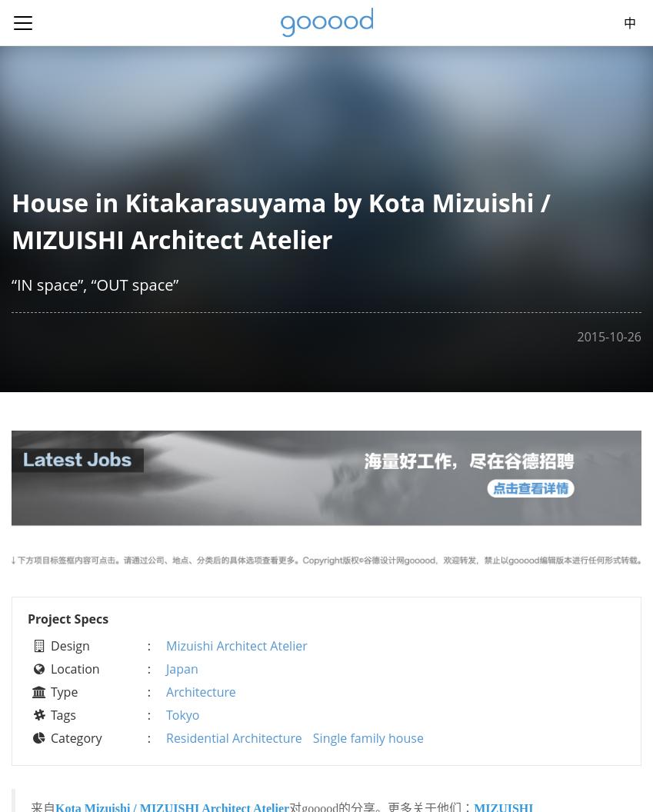 This screenshot has height=812, width=653. What do you see at coordinates (74, 667) in the screenshot?
I see `'Location'` at bounding box center [74, 667].